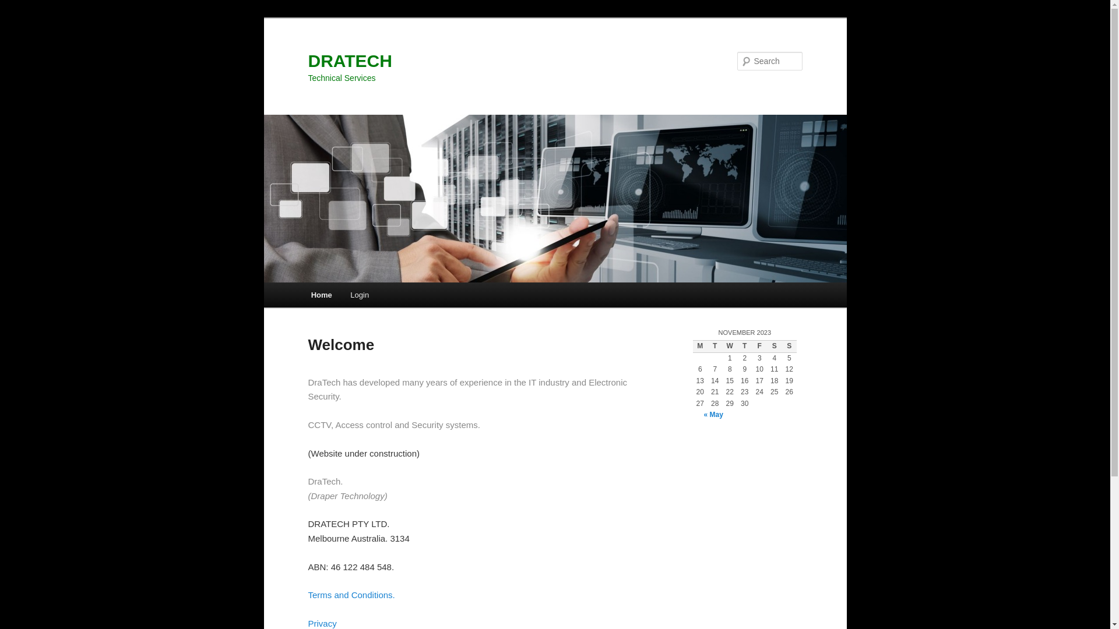 This screenshot has width=1119, height=629. I want to click on 'Privacy', so click(322, 623).